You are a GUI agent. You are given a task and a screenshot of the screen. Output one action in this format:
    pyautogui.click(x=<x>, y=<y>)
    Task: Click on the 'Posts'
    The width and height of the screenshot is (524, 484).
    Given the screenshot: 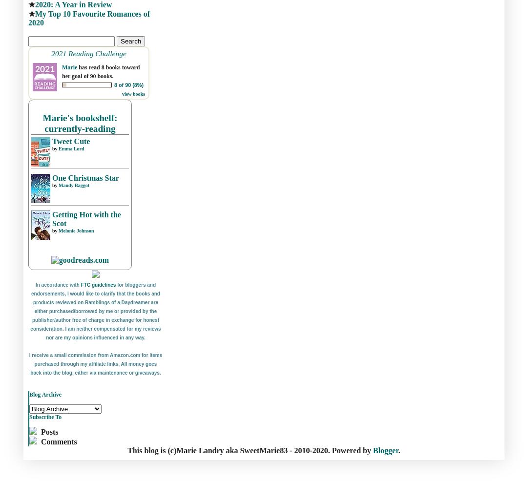 What is the action you would take?
    pyautogui.click(x=48, y=432)
    